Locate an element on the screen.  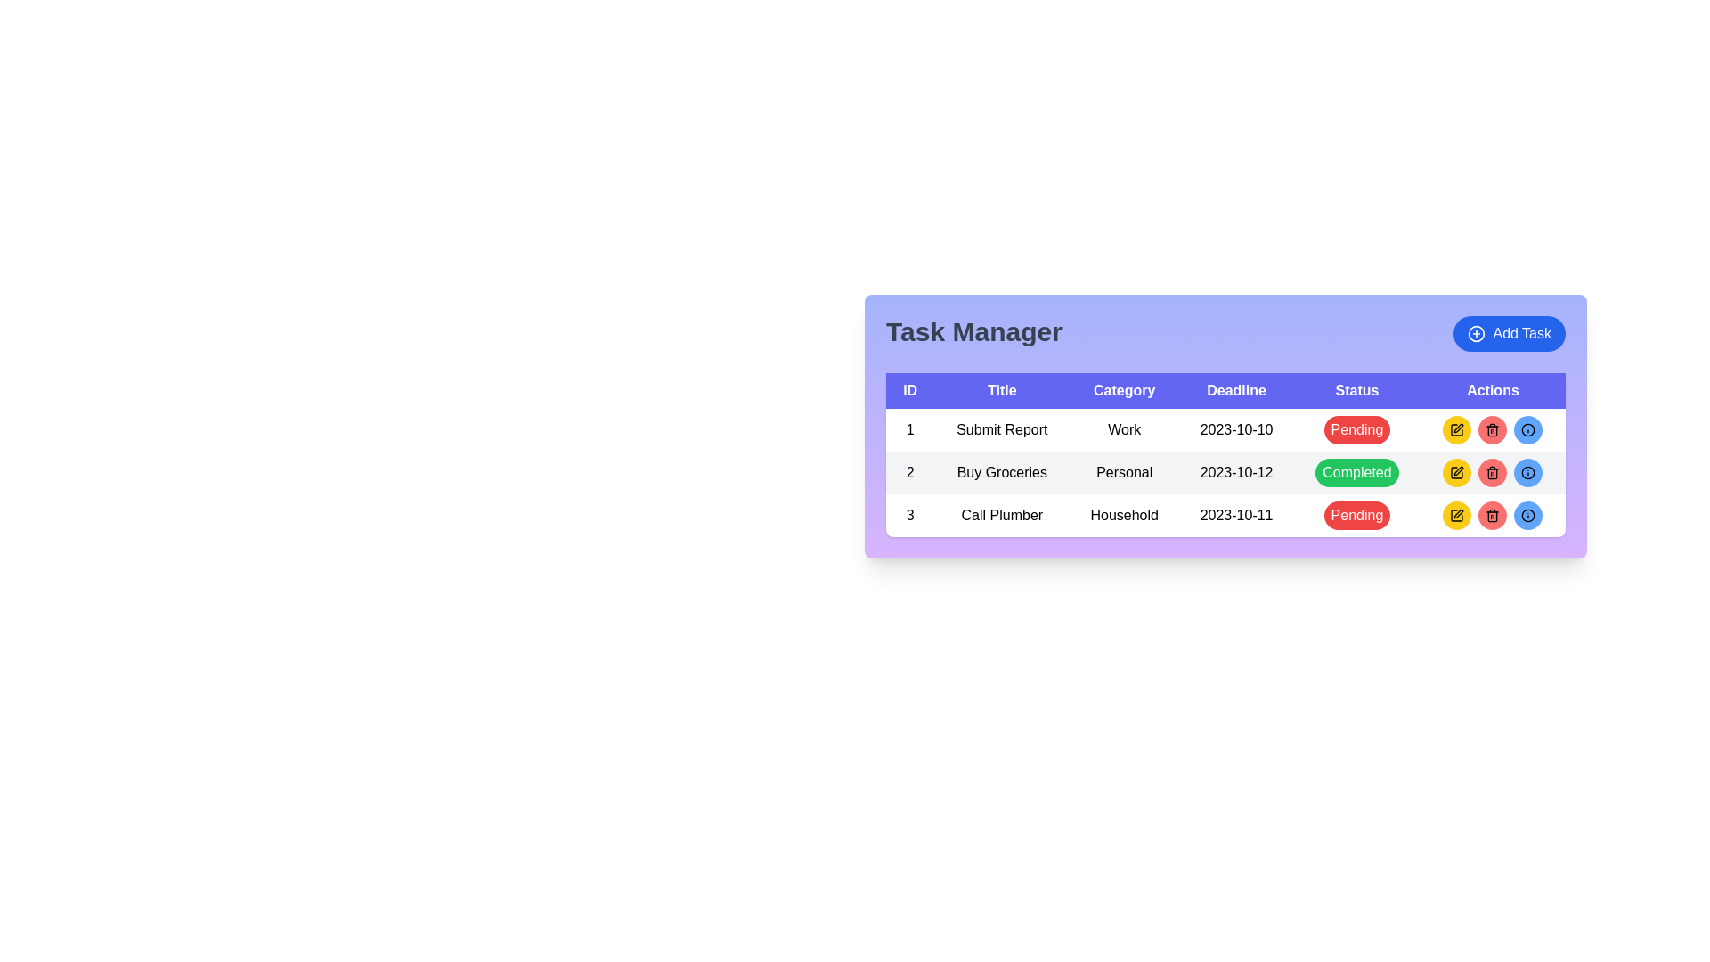
the 'Category' text label in the second row of the 'Task Manager' table that represents the task 'Buy Groceries' is located at coordinates (1123, 472).